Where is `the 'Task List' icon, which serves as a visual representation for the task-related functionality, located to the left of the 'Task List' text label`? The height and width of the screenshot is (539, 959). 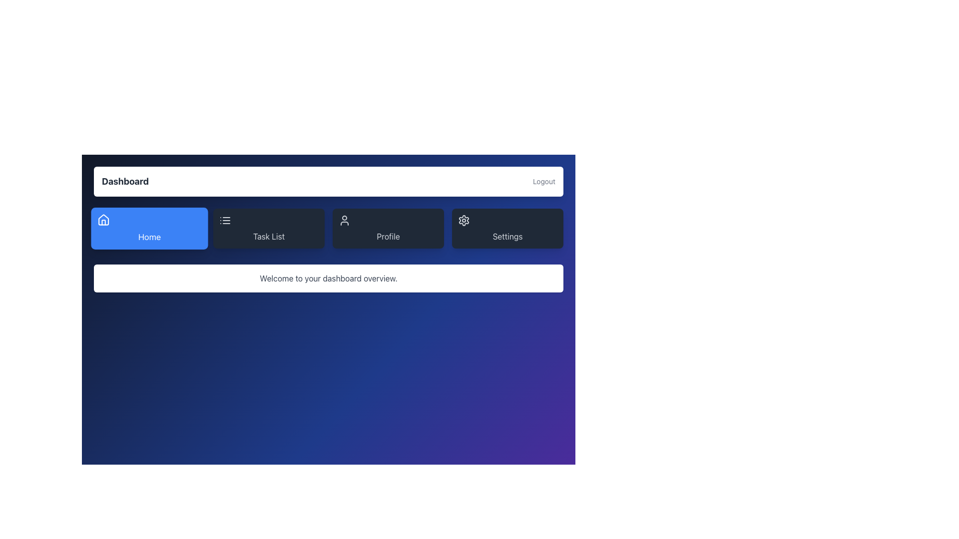 the 'Task List' icon, which serves as a visual representation for the task-related functionality, located to the left of the 'Task List' text label is located at coordinates (269, 220).